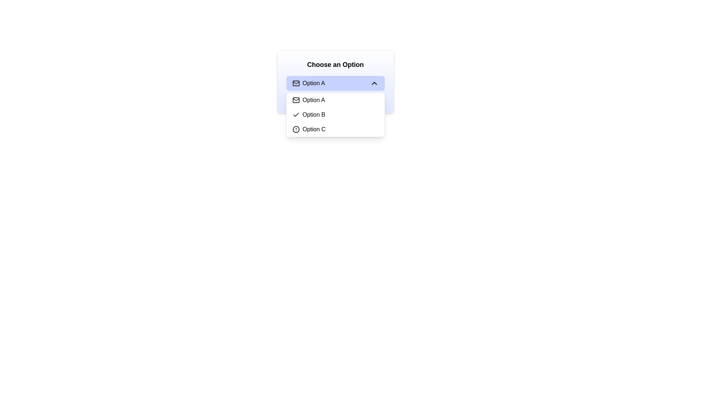  What do you see at coordinates (335, 114) in the screenshot?
I see `the Dropdown Menu located beneath the 'Choose an Option' button` at bounding box center [335, 114].